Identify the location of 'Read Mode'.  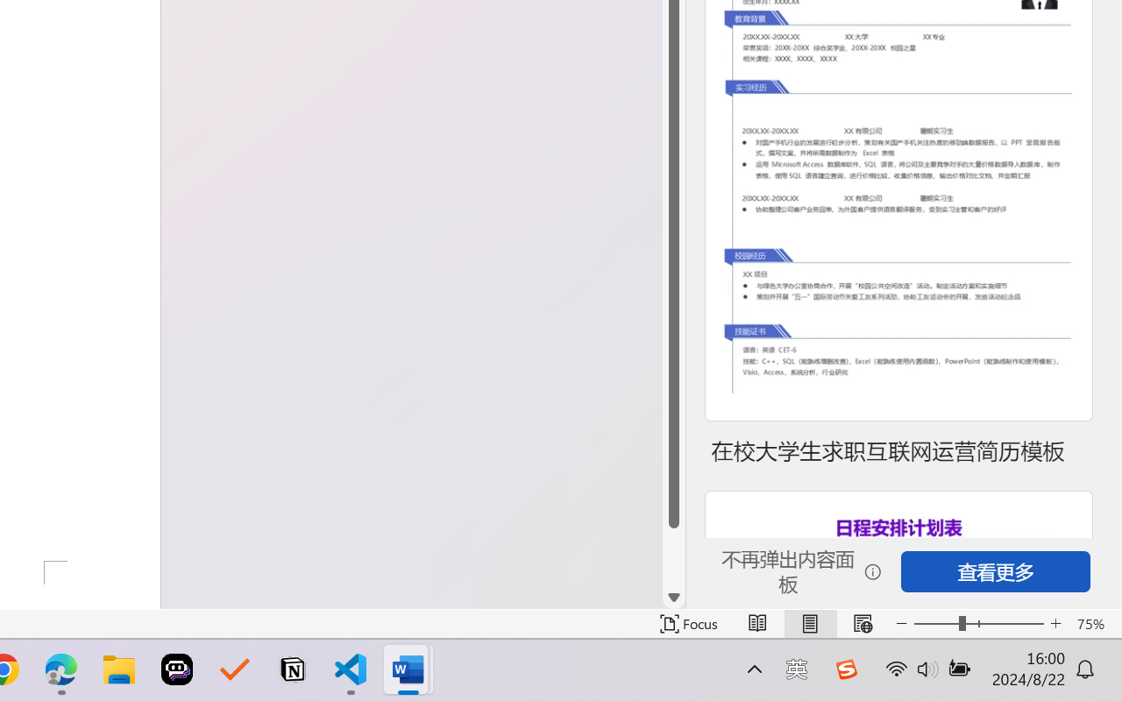
(757, 623).